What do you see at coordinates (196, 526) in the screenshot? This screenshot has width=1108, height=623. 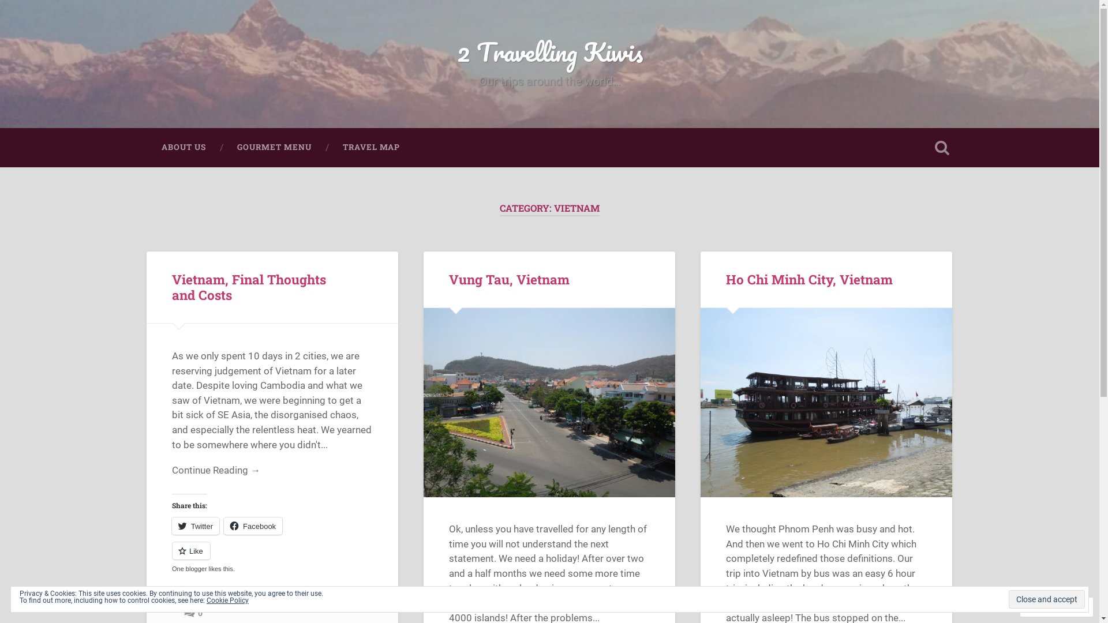 I see `'Twitter'` at bounding box center [196, 526].